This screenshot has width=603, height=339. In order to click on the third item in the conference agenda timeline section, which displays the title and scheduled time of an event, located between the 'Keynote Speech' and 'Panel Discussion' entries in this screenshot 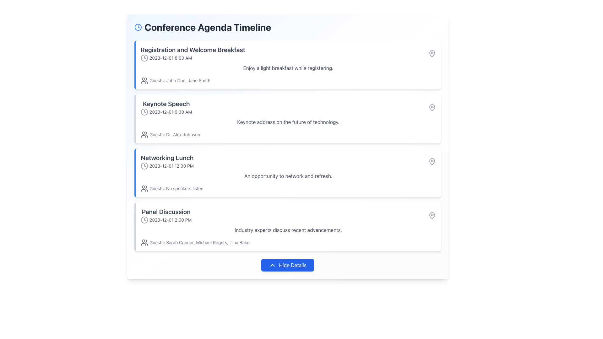, I will do `click(167, 161)`.